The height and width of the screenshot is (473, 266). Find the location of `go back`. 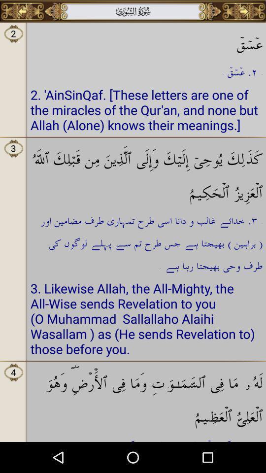

go back is located at coordinates (22, 11).